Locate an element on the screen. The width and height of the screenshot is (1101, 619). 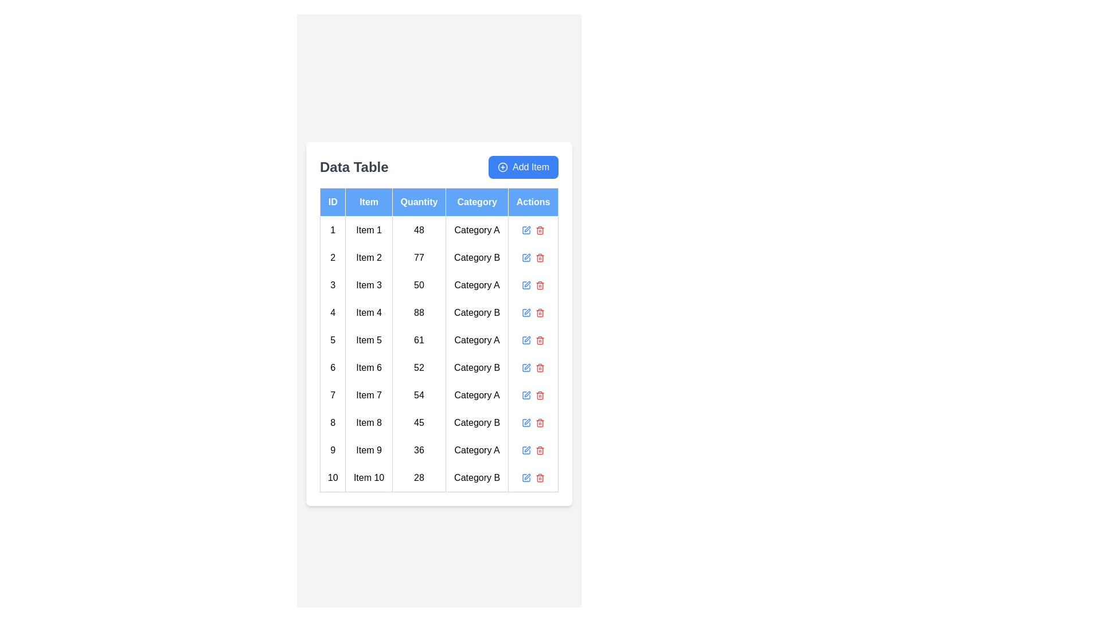
the text label displaying 'Item 2', which is styled with padding and a right gray border, located in the second row of the table under the 'Item' column is located at coordinates (369, 257).